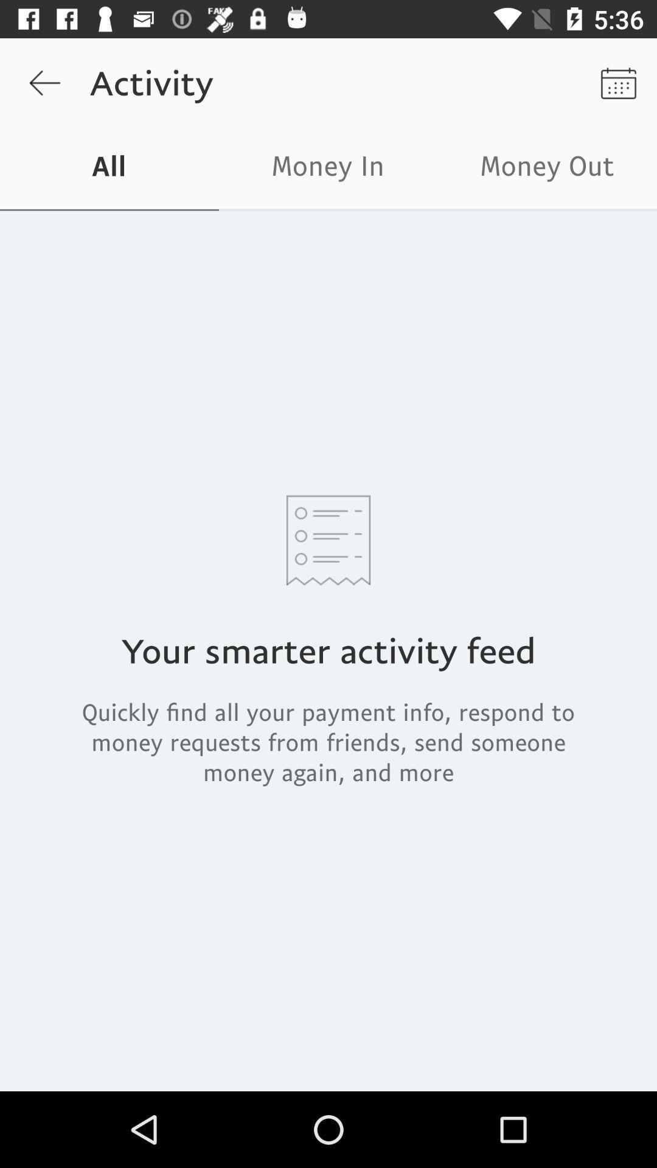  Describe the element at coordinates (619, 82) in the screenshot. I see `icon to the right of the activity icon` at that location.